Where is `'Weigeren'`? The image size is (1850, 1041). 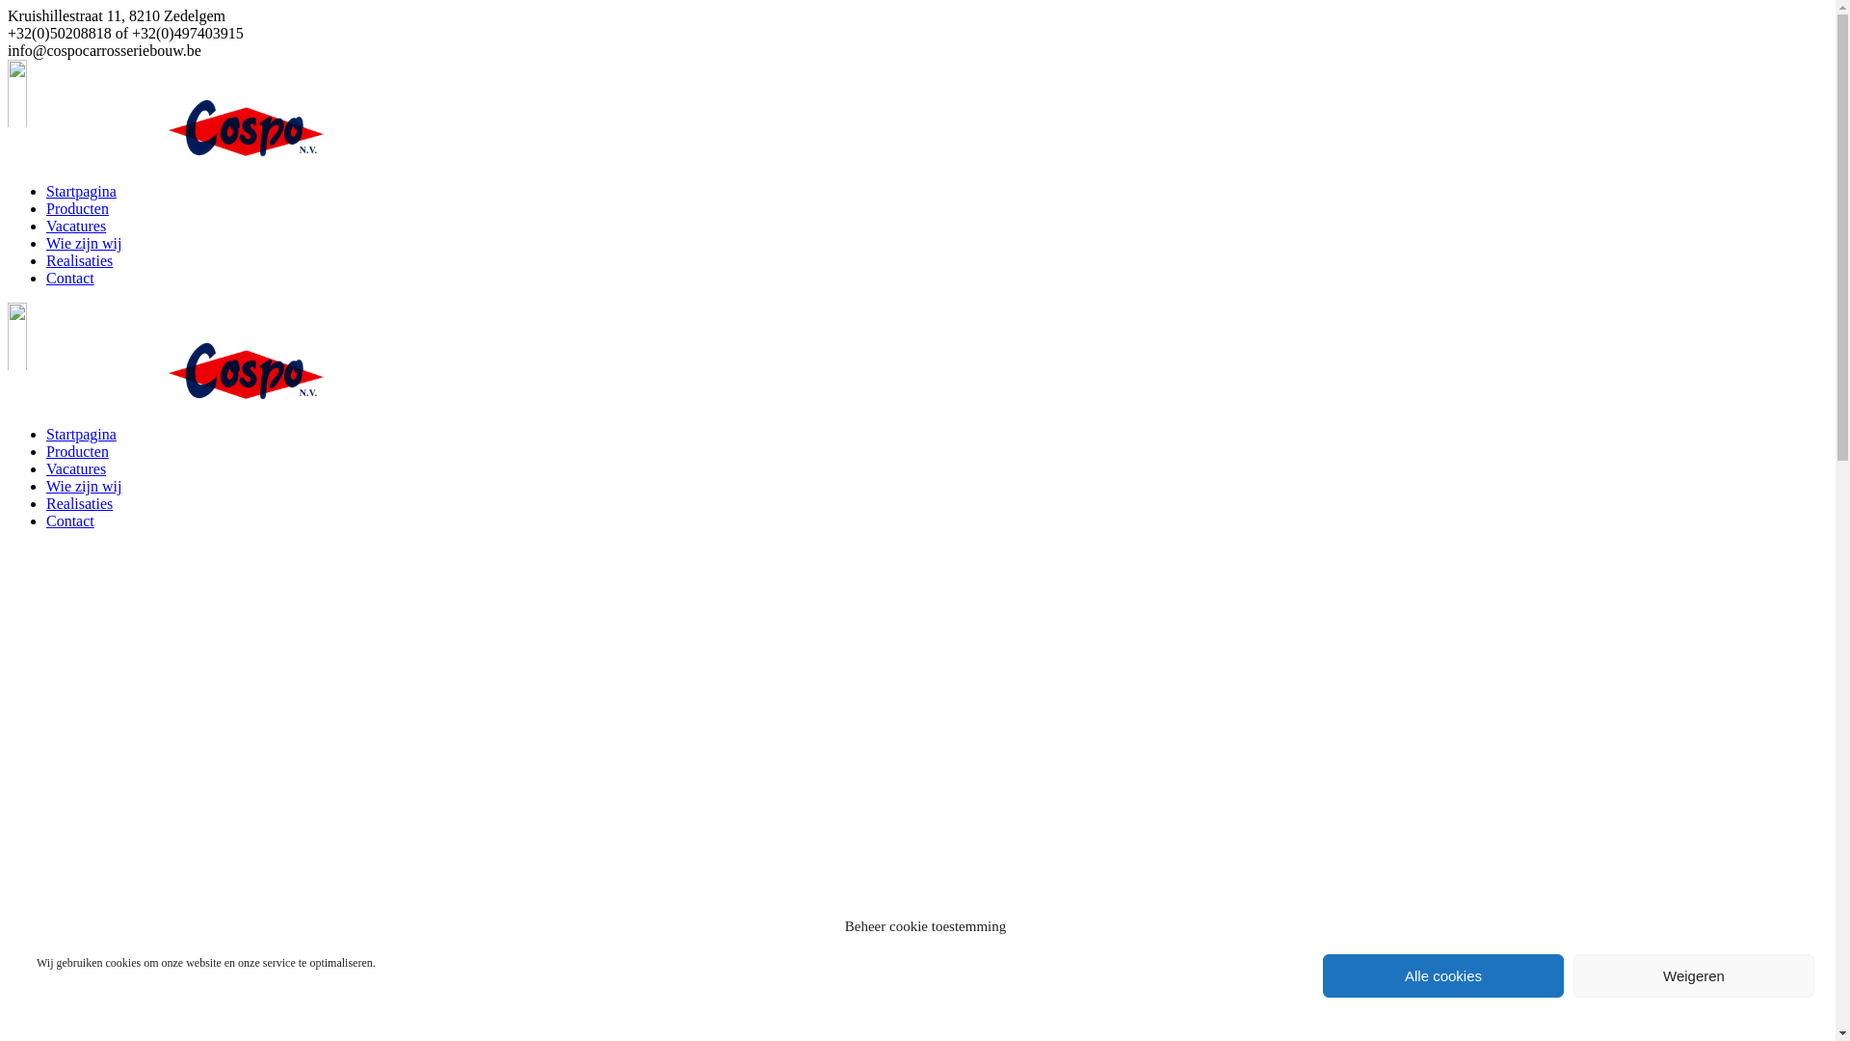 'Weigeren' is located at coordinates (1692, 975).